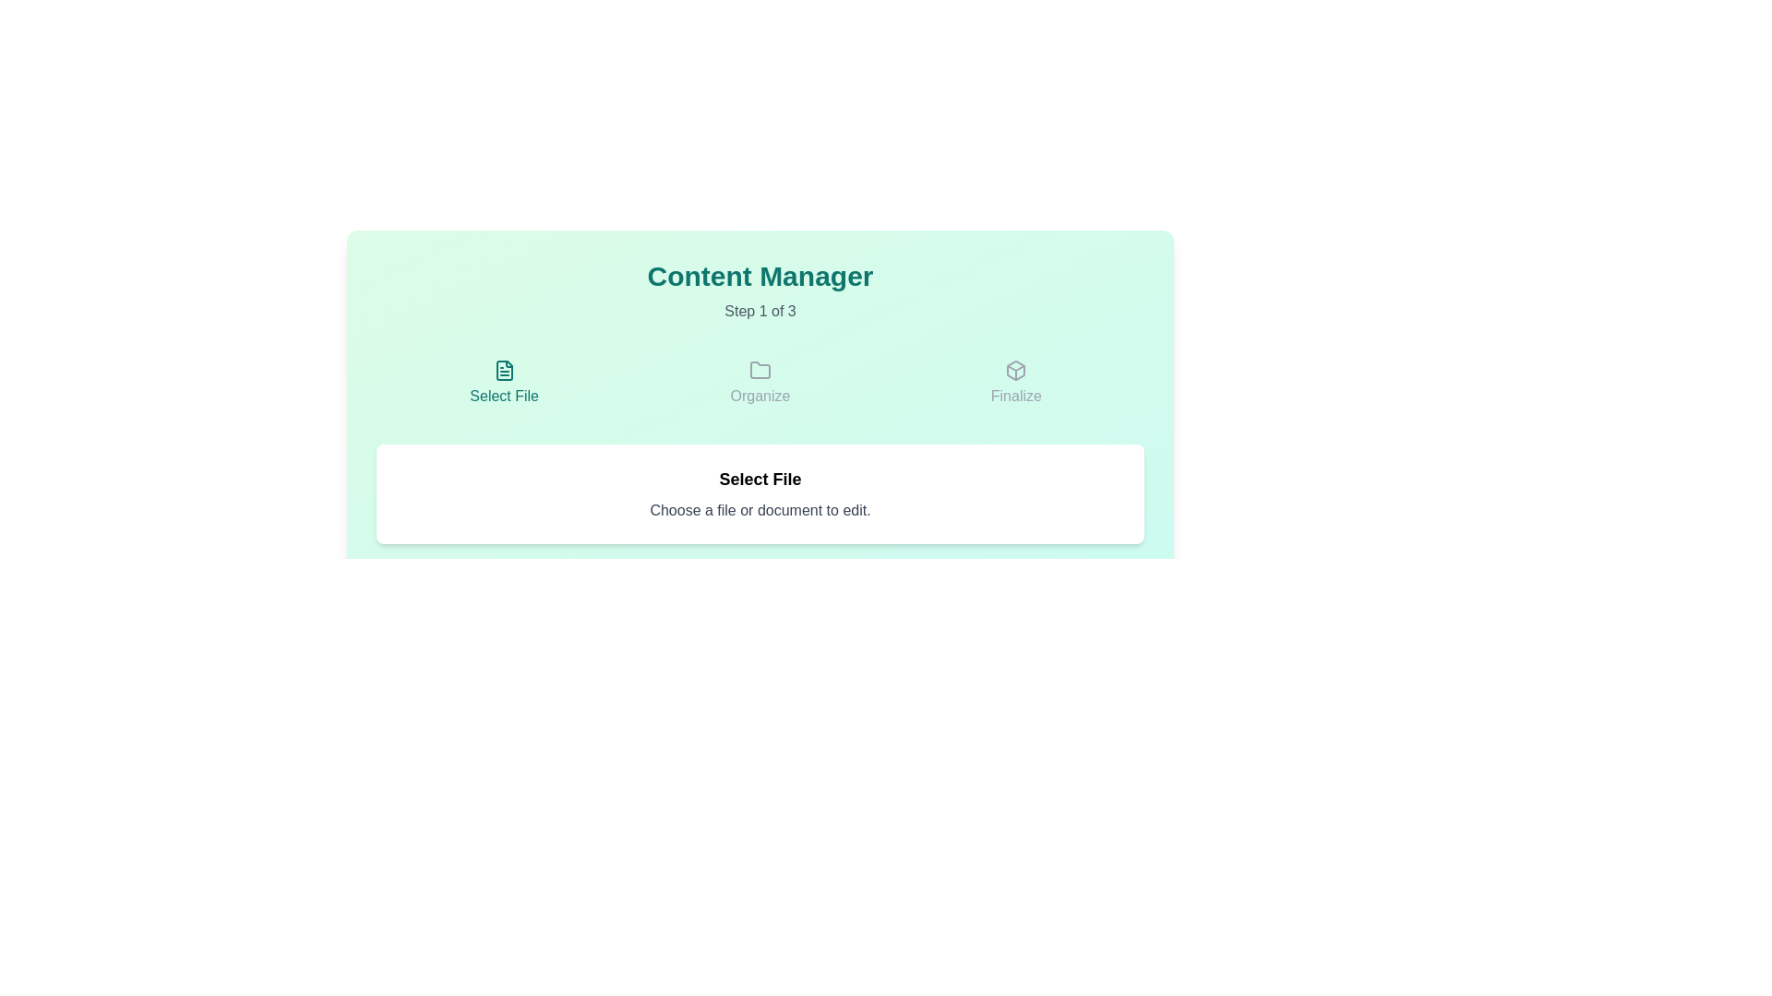 This screenshot has height=996, width=1772. Describe the element at coordinates (760, 370) in the screenshot. I see `the folder icon, which is the second icon in a horizontal row of three icons, positioned between a document icon and a box icon` at that location.